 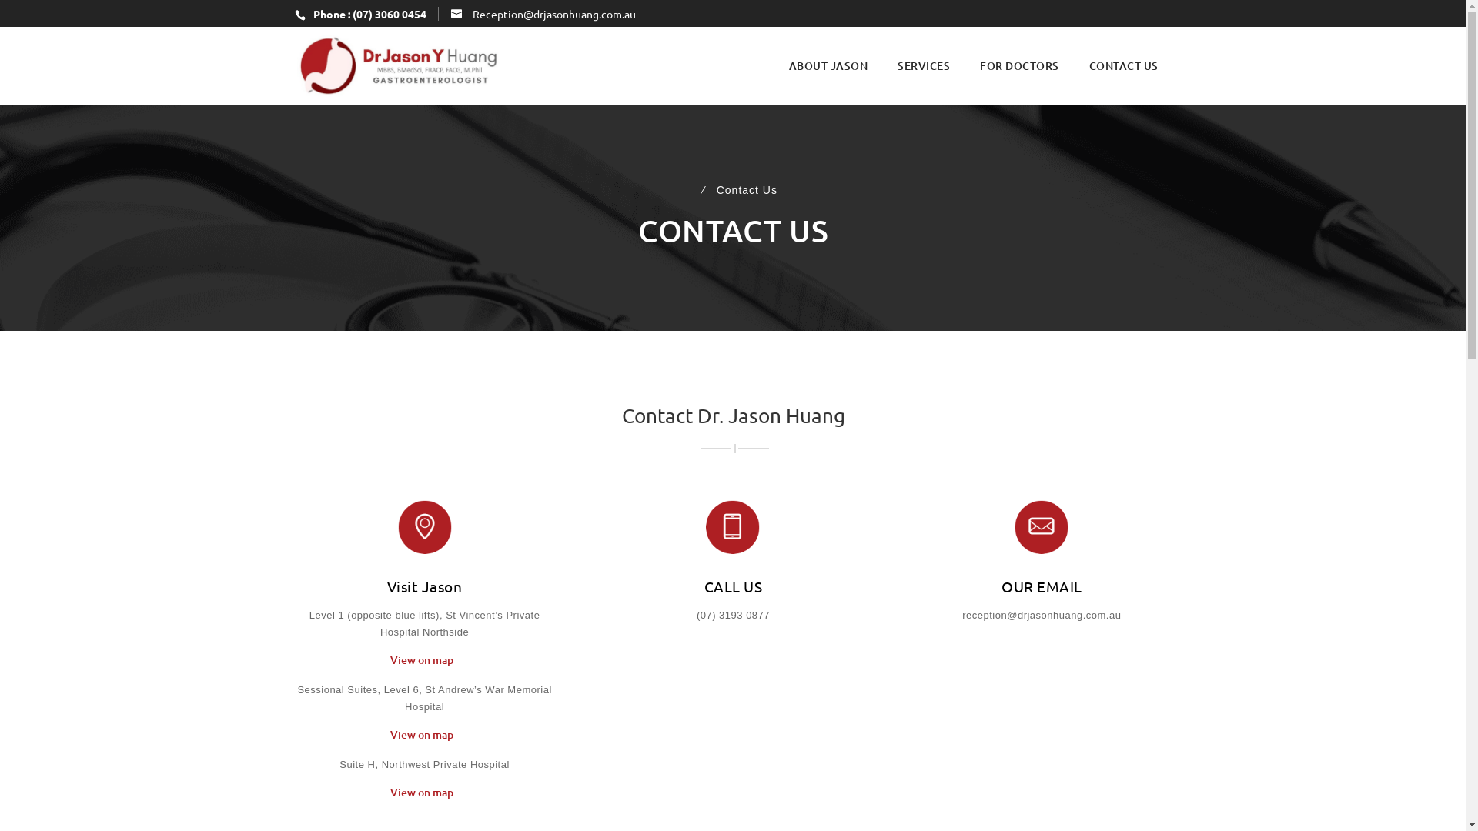 I want to click on 'icon2', so click(x=731, y=526).